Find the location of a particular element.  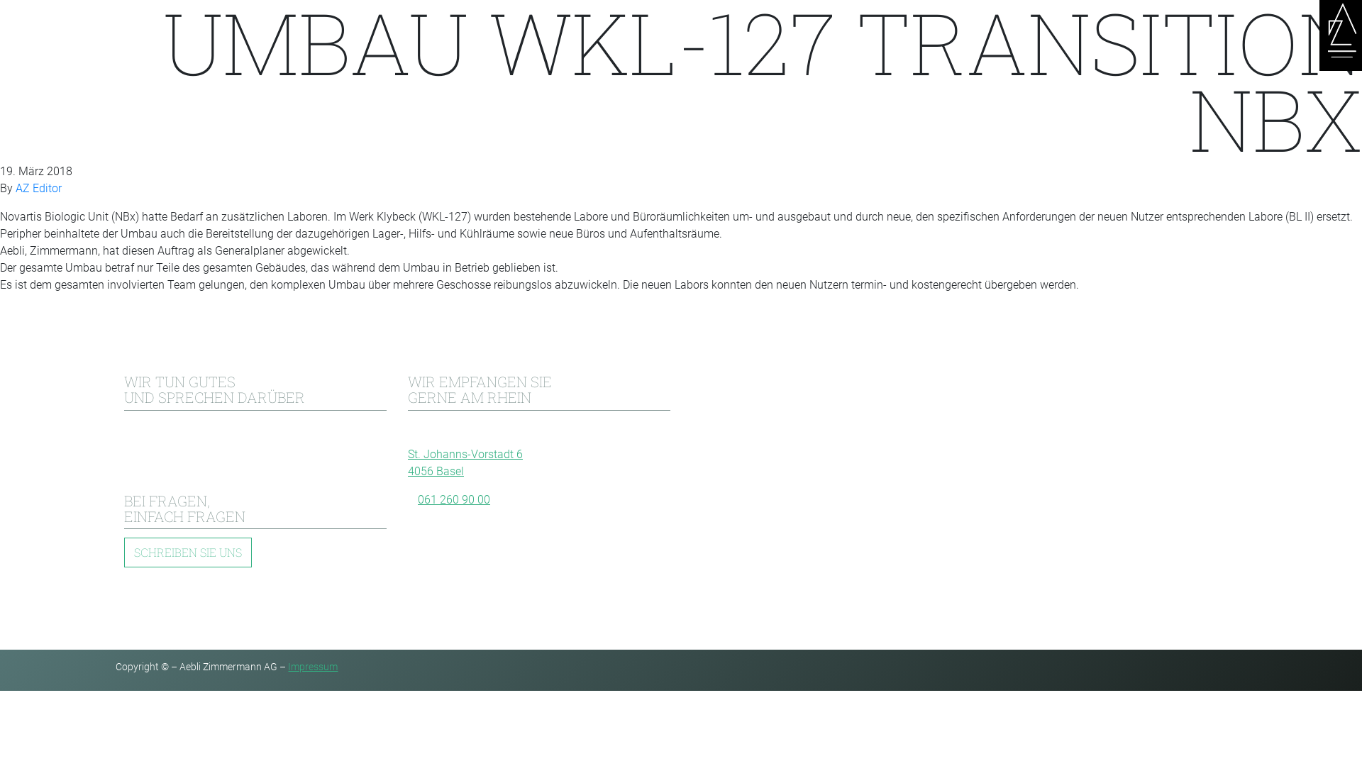

'AZ Editor' is located at coordinates (38, 187).